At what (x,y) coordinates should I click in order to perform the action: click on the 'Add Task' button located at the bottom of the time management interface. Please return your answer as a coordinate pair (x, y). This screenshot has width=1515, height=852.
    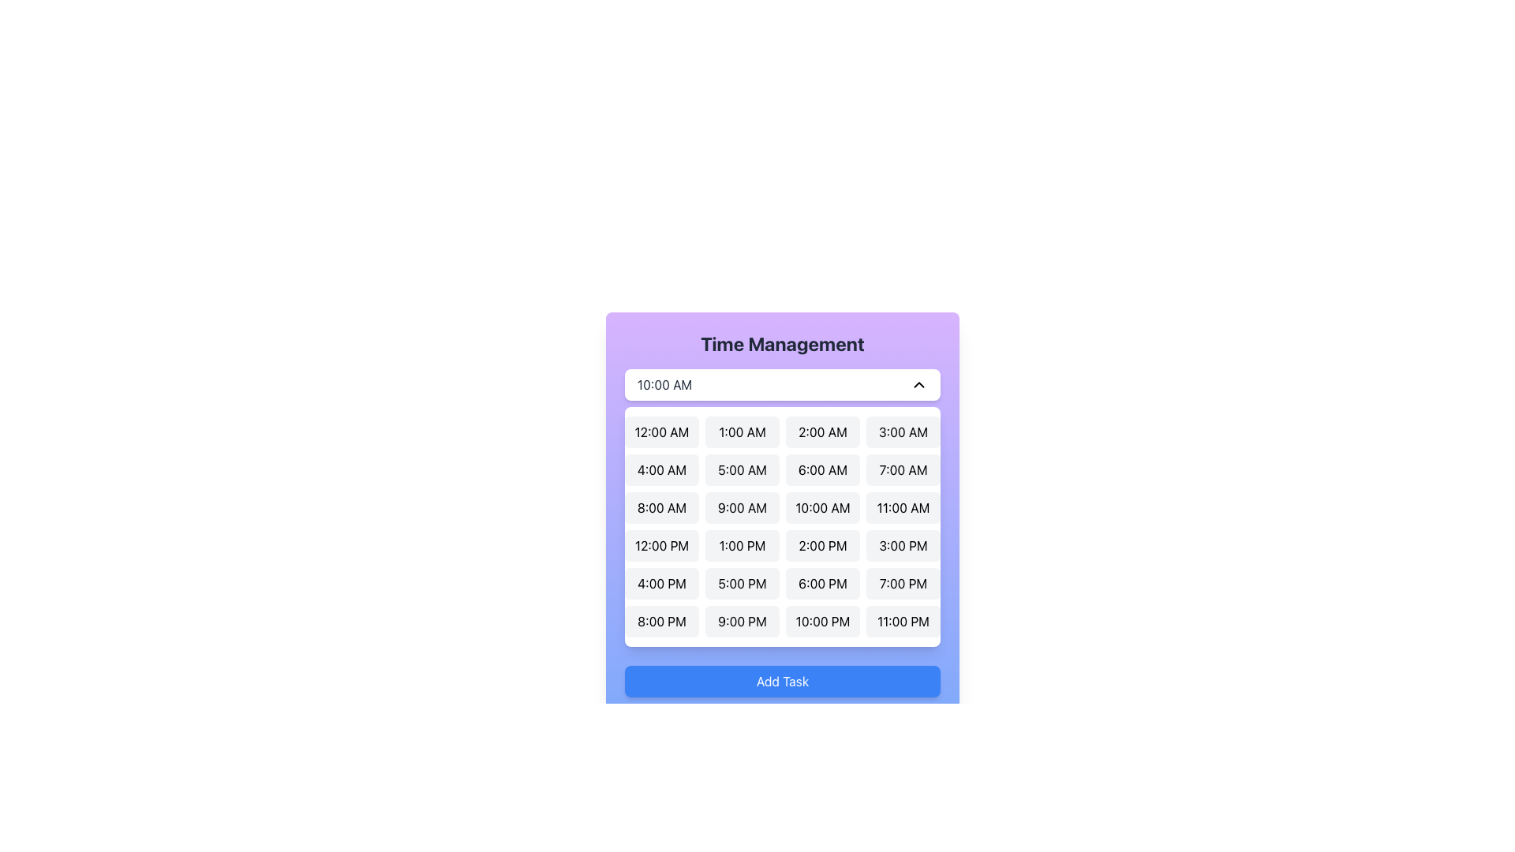
    Looking at the image, I should click on (783, 681).